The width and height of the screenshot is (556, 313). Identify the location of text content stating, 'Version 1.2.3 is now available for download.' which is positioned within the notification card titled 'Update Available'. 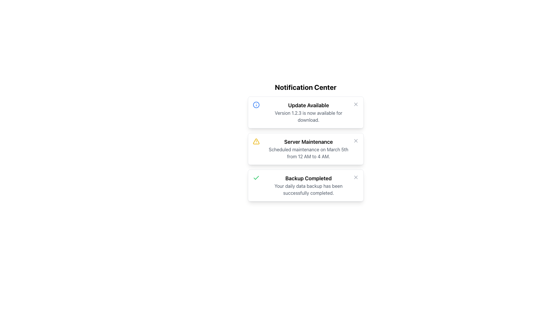
(308, 116).